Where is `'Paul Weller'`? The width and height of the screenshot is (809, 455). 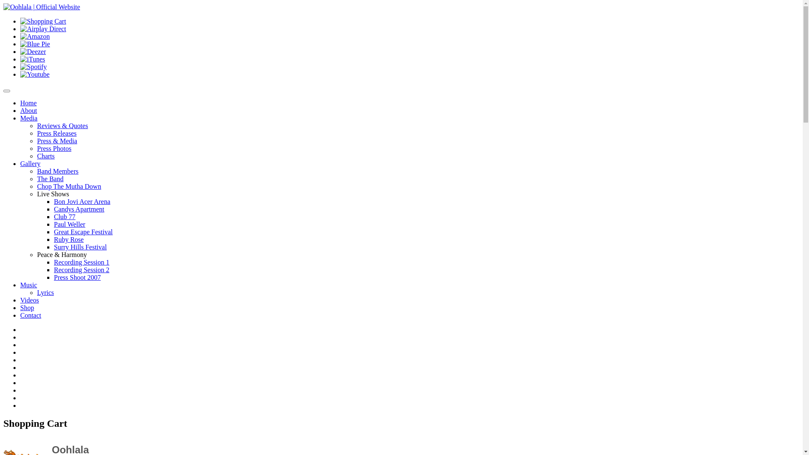 'Paul Weller' is located at coordinates (69, 224).